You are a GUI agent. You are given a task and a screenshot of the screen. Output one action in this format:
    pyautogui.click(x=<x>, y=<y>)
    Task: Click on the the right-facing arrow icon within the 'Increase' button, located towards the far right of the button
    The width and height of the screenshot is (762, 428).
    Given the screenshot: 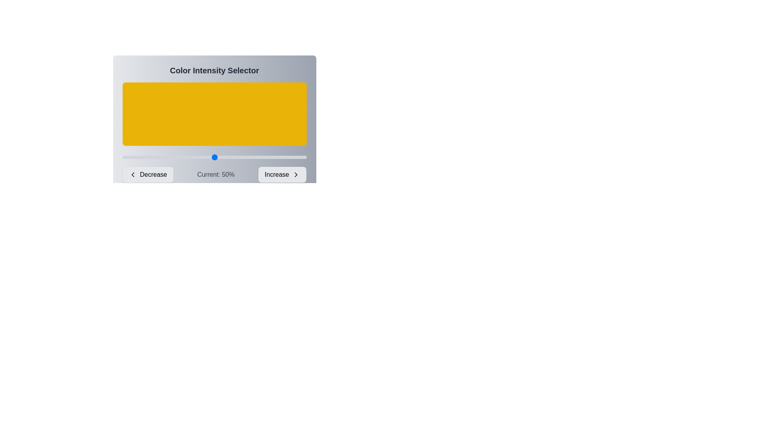 What is the action you would take?
    pyautogui.click(x=296, y=174)
    